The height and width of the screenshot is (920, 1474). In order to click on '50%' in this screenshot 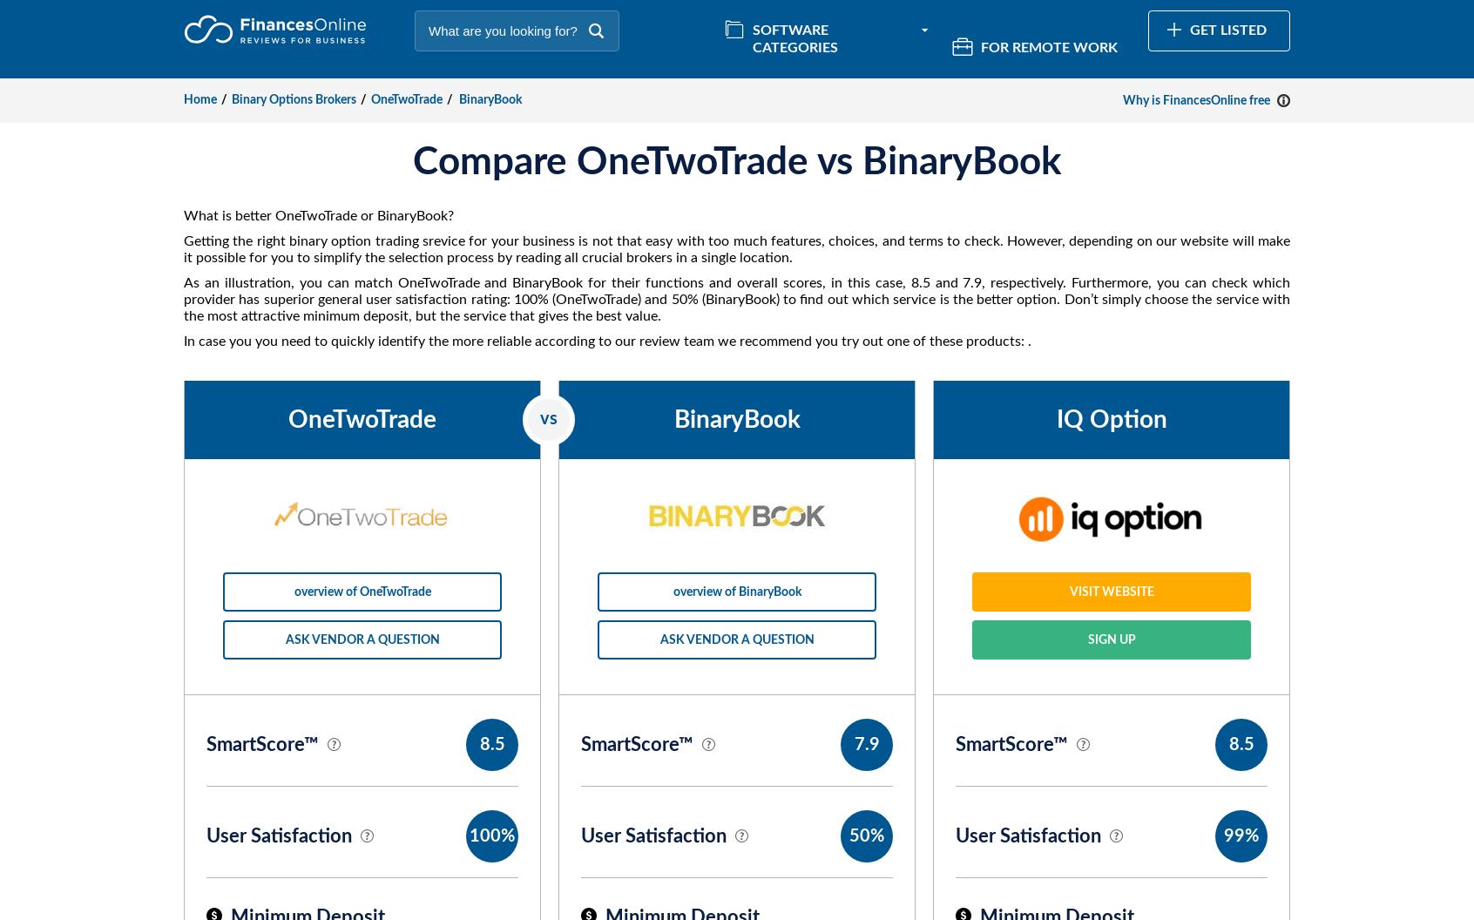, I will do `click(866, 836)`.